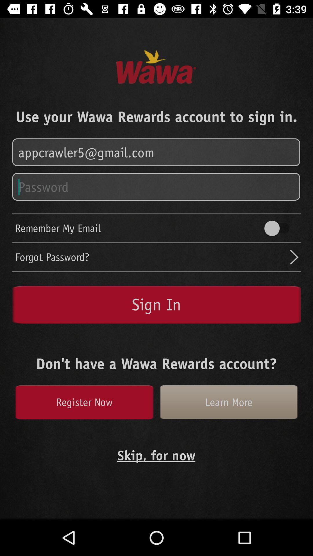 This screenshot has height=556, width=313. I want to click on log in, so click(156, 153).